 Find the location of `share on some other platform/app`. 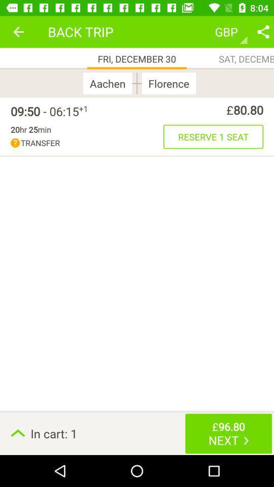

share on some other platform/app is located at coordinates (263, 31).